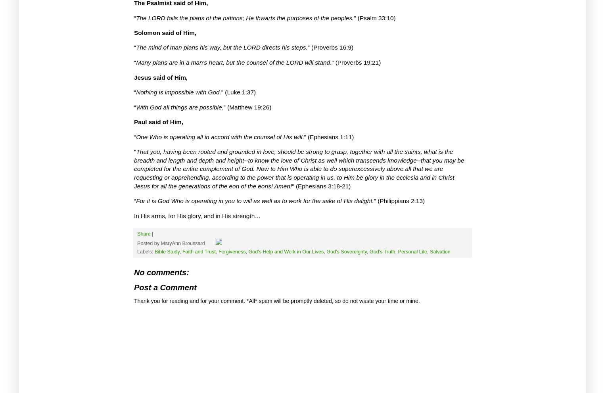 This screenshot has height=393, width=606. Describe the element at coordinates (219, 136) in the screenshot. I see `'One Who is operating all in accord with the counsel of His will'` at that location.